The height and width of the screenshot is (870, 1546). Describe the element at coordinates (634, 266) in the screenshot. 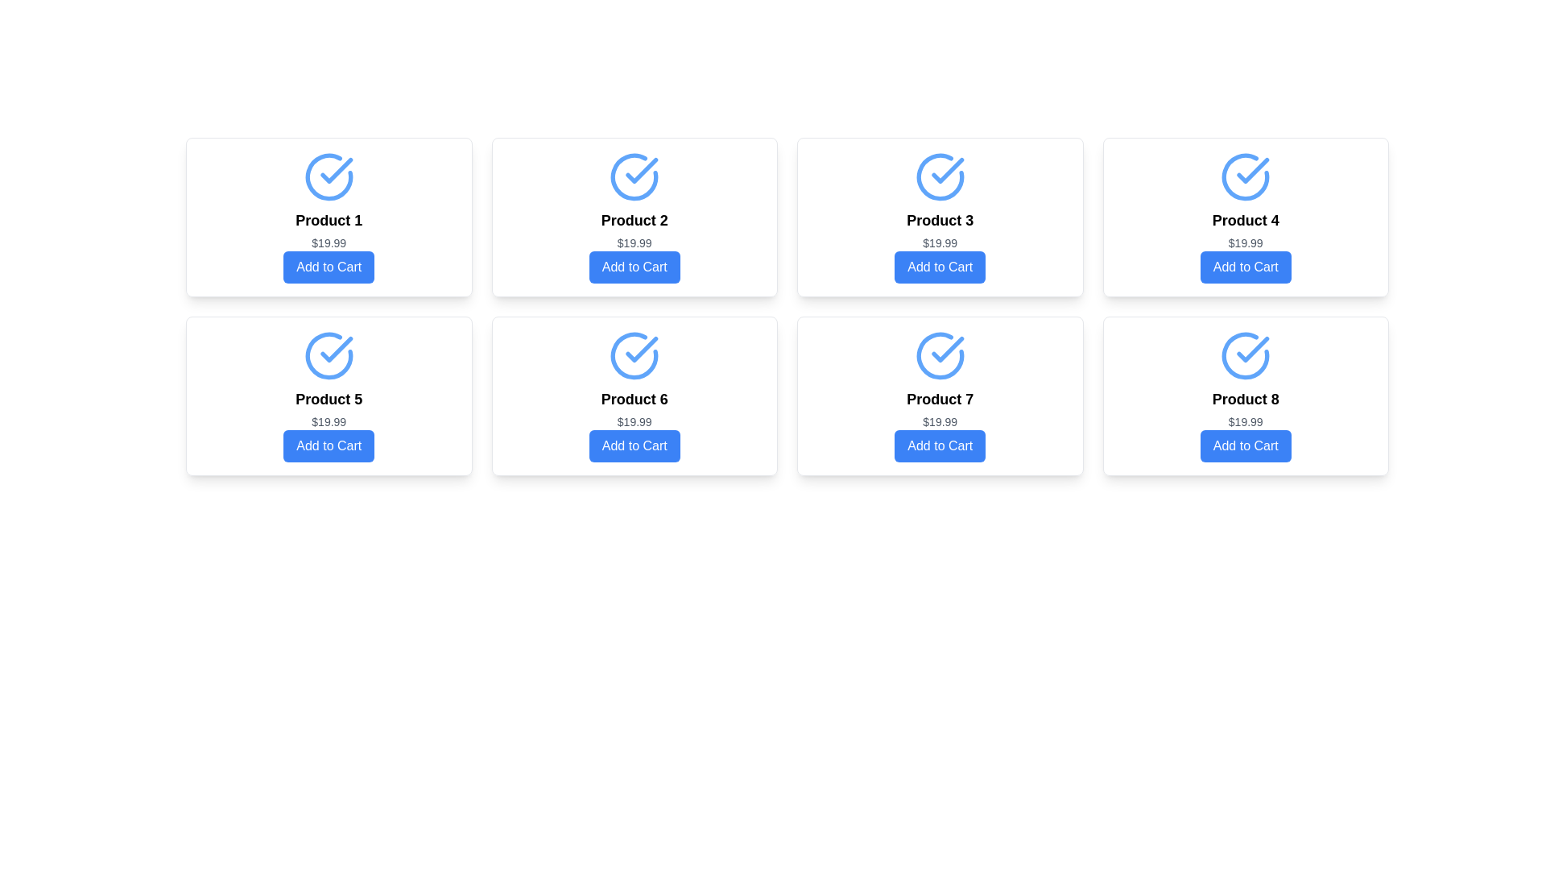

I see `the button located at the bottom-center of the product card for 'Product 2'` at that location.